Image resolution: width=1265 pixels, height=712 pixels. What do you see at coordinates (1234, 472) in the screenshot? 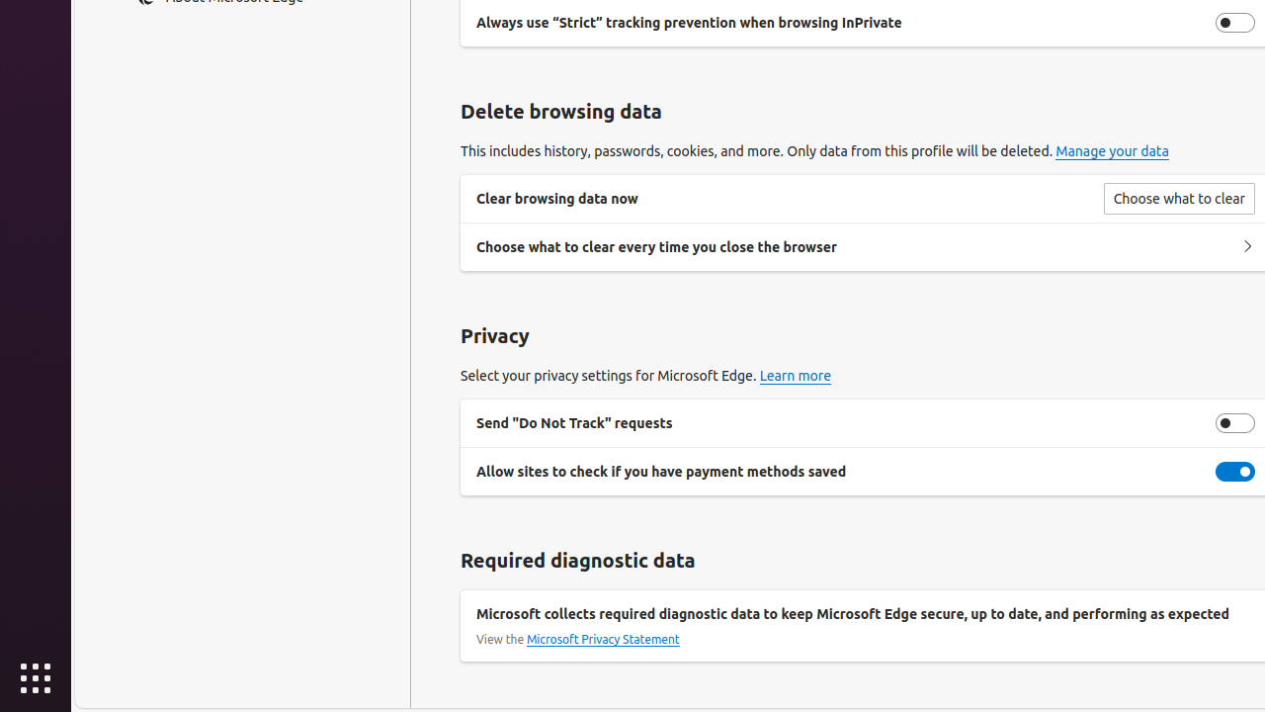
I see `'Allow sites to check if you have payment methods saved'` at bounding box center [1234, 472].